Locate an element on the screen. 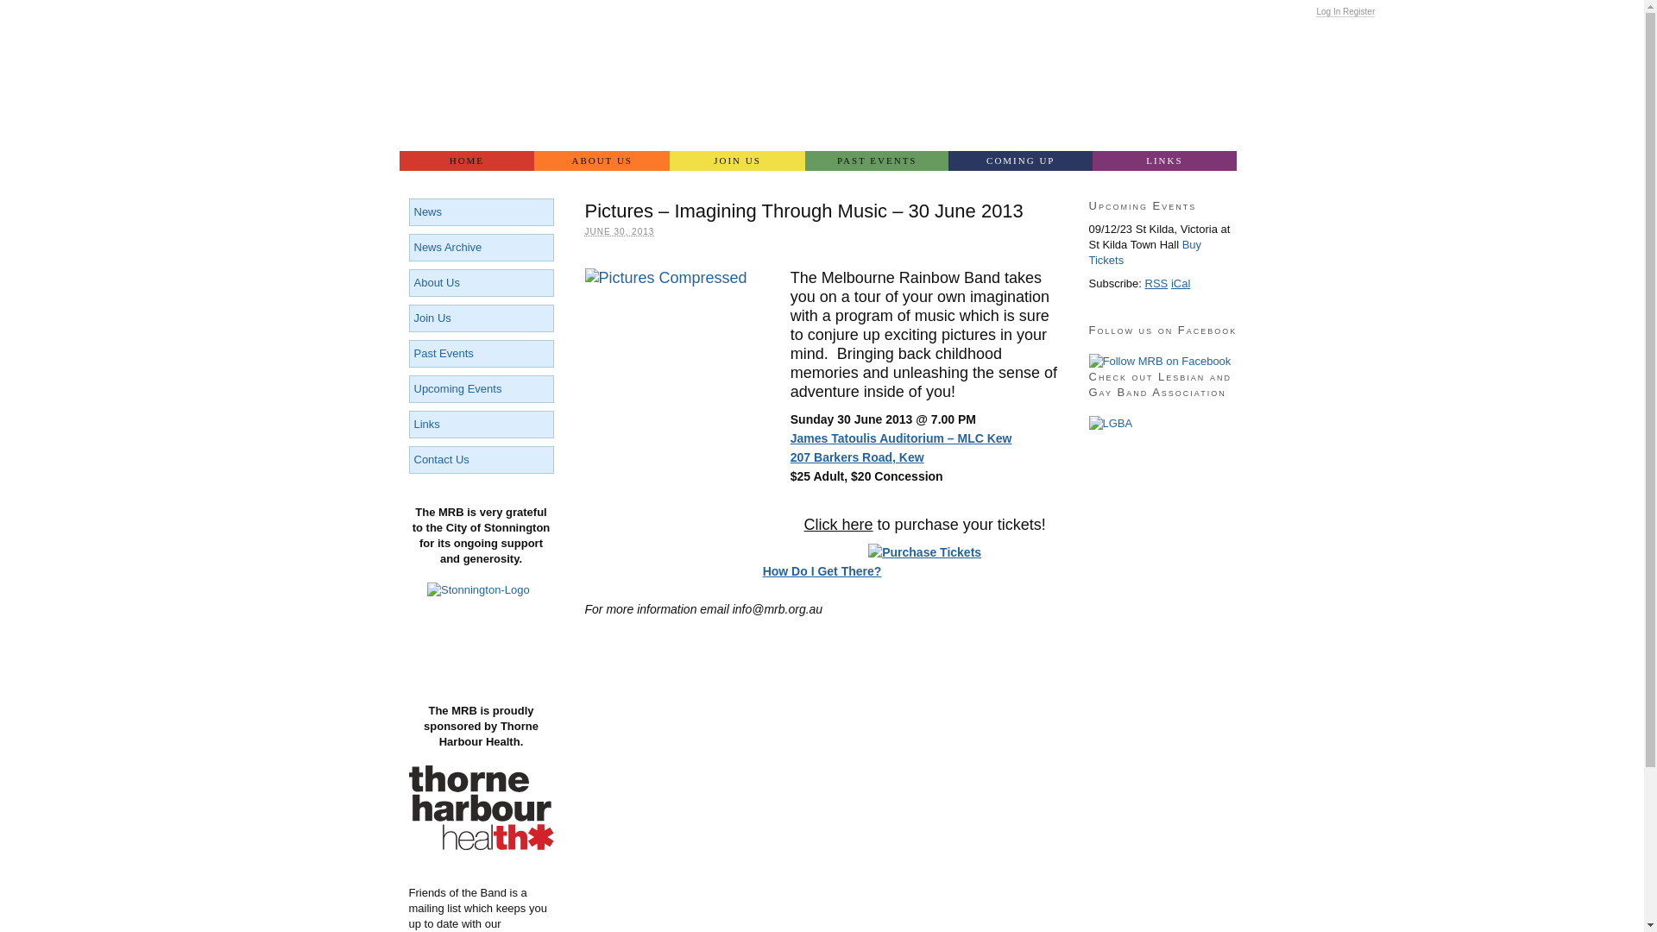 The width and height of the screenshot is (1657, 932). 'Buy Tickets' is located at coordinates (1145, 252).